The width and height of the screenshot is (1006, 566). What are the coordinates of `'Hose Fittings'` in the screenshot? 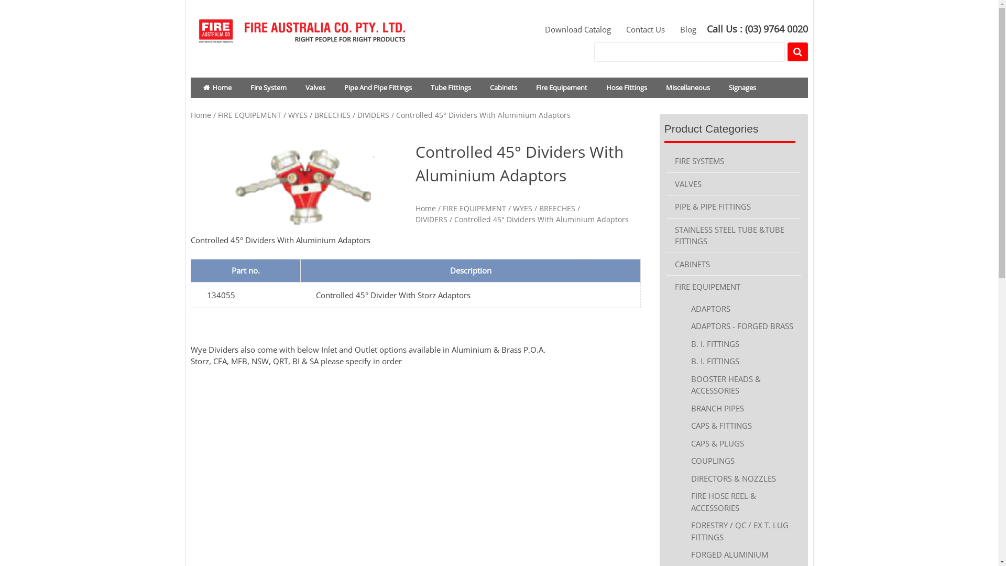 It's located at (626, 87).